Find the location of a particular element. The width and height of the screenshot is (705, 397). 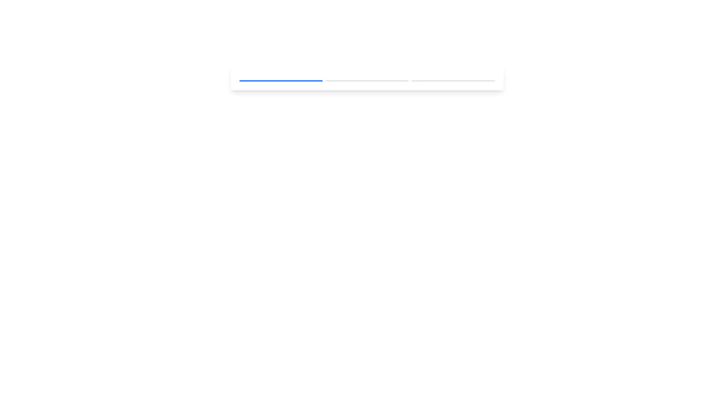

the slider is located at coordinates (389, 81).